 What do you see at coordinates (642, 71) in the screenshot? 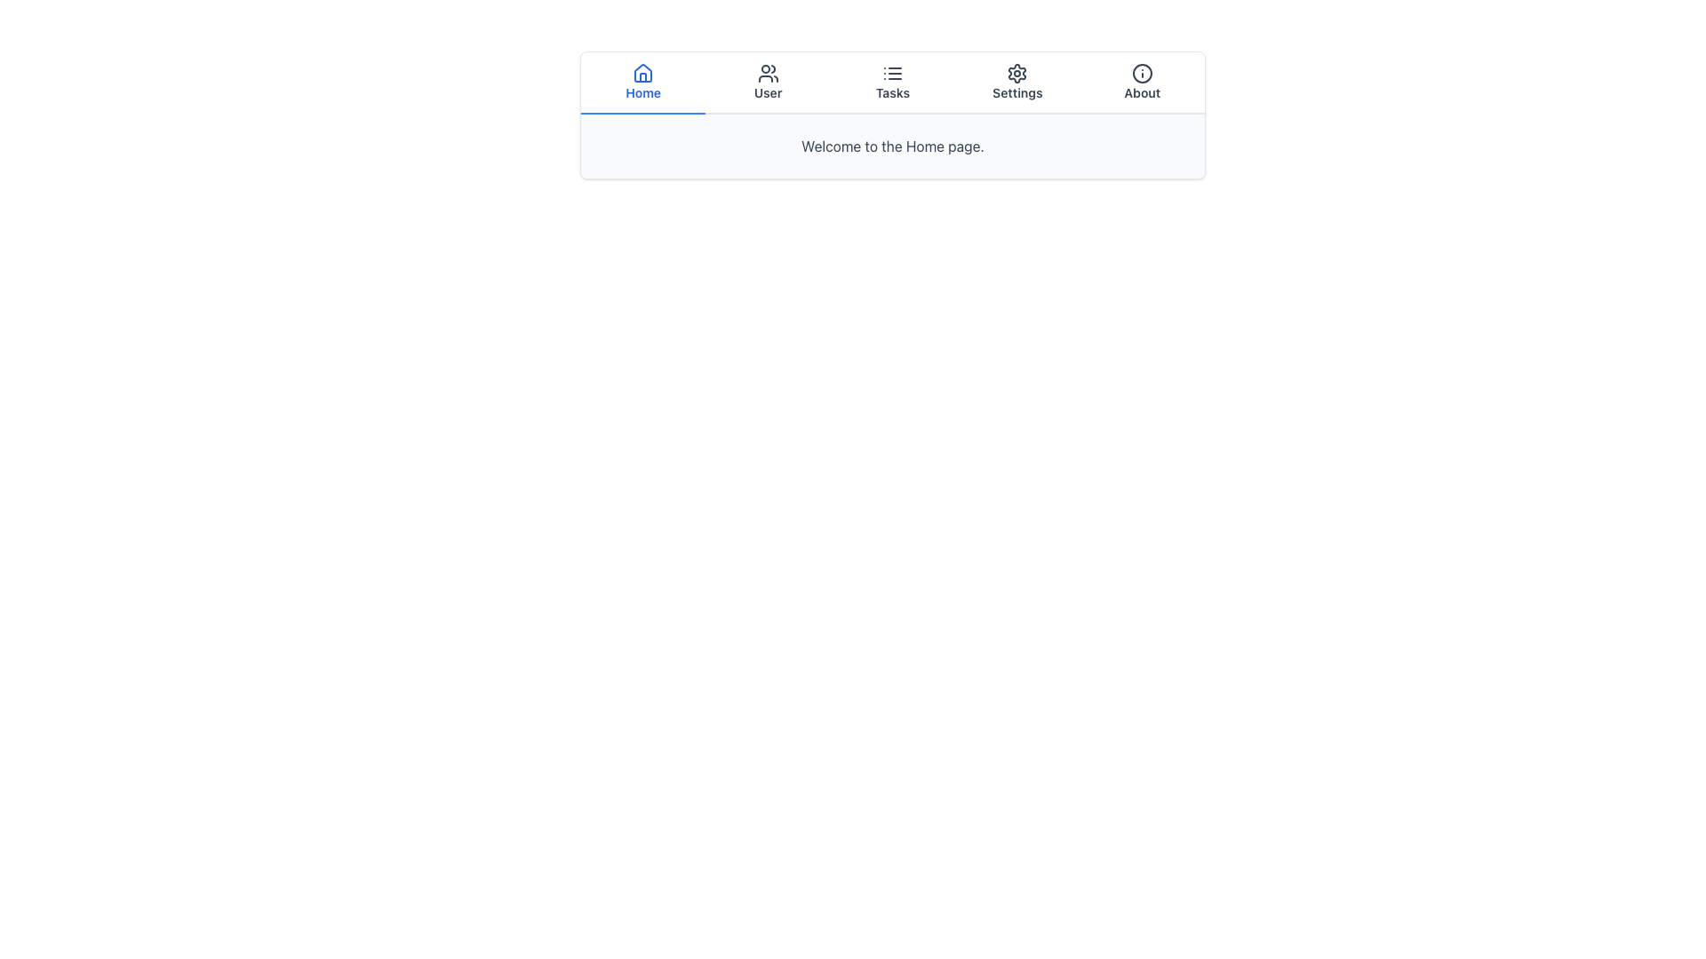
I see `the 'Home' navigation icon located at the leftmost position in the navigation bar` at bounding box center [642, 71].